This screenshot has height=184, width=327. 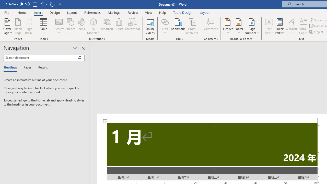 What do you see at coordinates (317, 32) in the screenshot?
I see `'Object...'` at bounding box center [317, 32].